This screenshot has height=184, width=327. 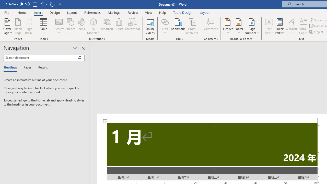 What do you see at coordinates (317, 32) in the screenshot?
I see `'Object...'` at bounding box center [317, 32].